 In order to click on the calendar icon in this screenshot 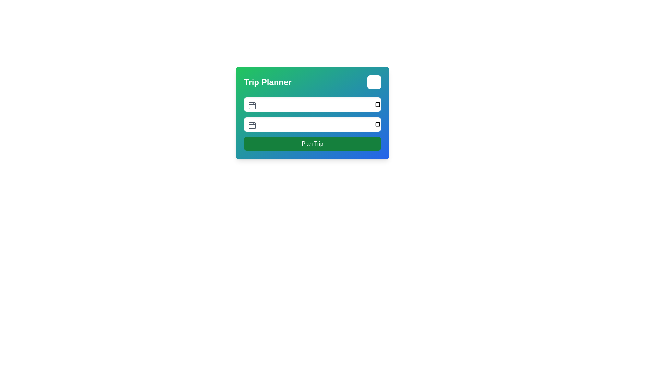, I will do `click(252, 106)`.